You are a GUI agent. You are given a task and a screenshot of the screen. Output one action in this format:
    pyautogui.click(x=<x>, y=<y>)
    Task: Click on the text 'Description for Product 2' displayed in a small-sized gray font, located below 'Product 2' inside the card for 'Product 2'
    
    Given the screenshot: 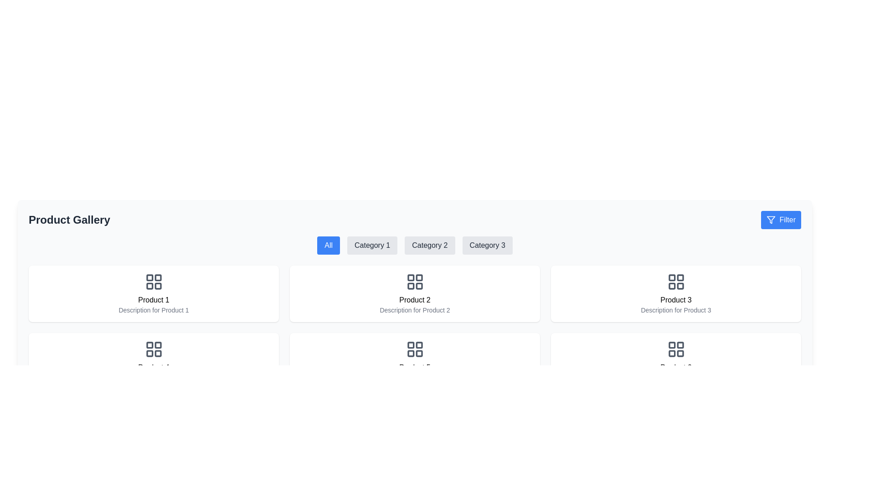 What is the action you would take?
    pyautogui.click(x=414, y=310)
    